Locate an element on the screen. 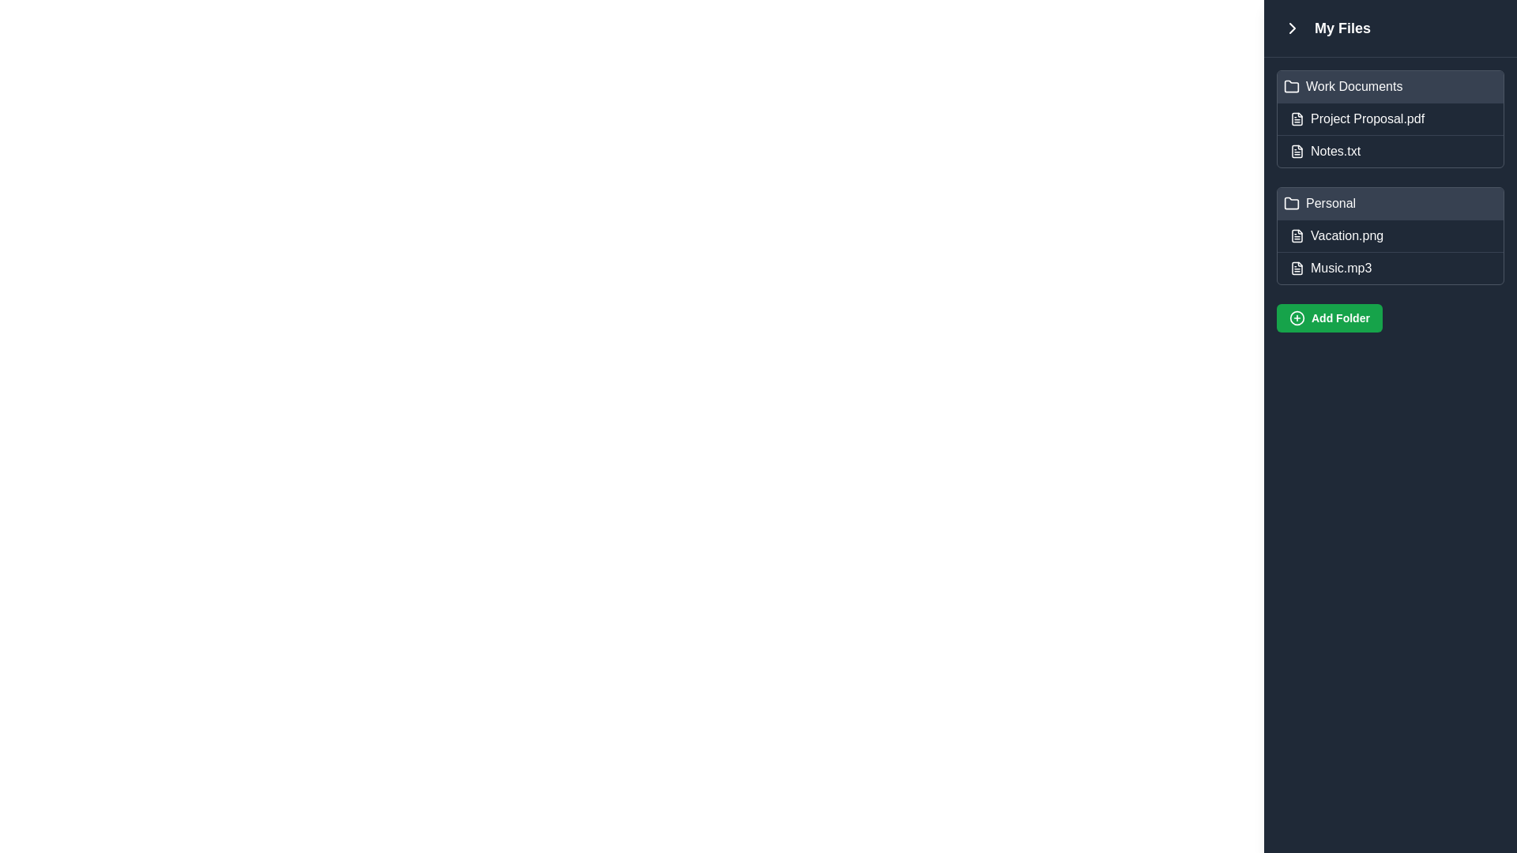 This screenshot has height=853, width=1517. the text label displaying 'Music.mp3' located is located at coordinates (1340, 267).